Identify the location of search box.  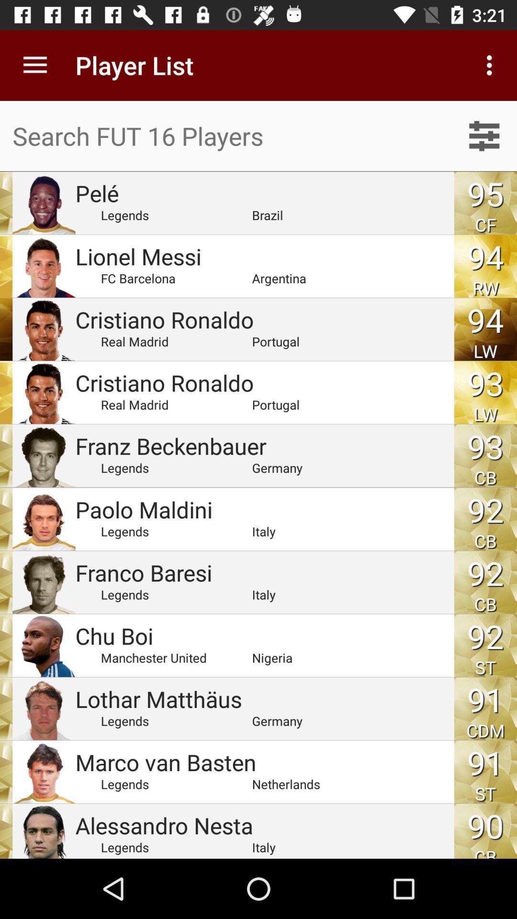
(225, 135).